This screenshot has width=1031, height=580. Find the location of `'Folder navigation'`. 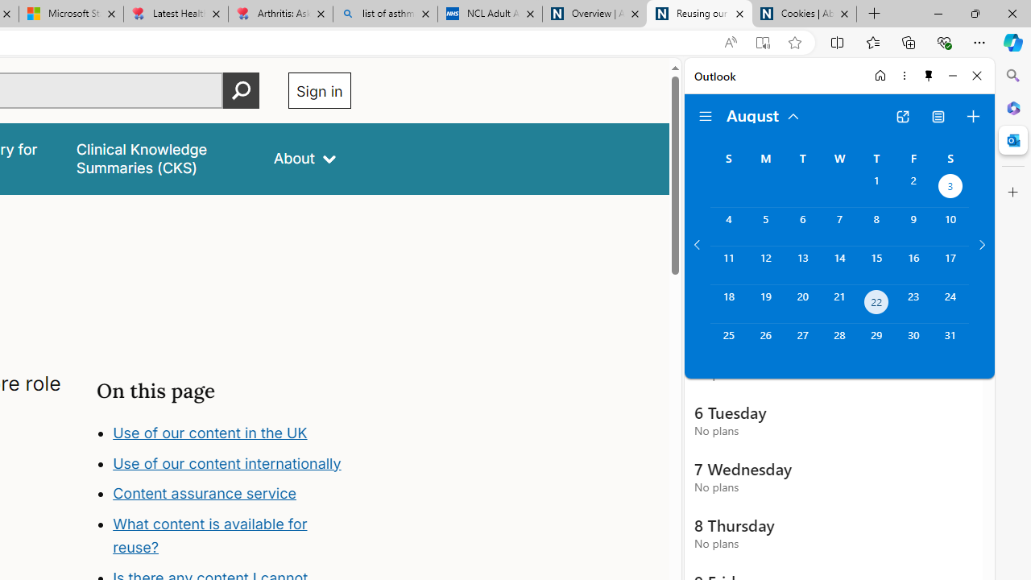

'Folder navigation' is located at coordinates (706, 116).